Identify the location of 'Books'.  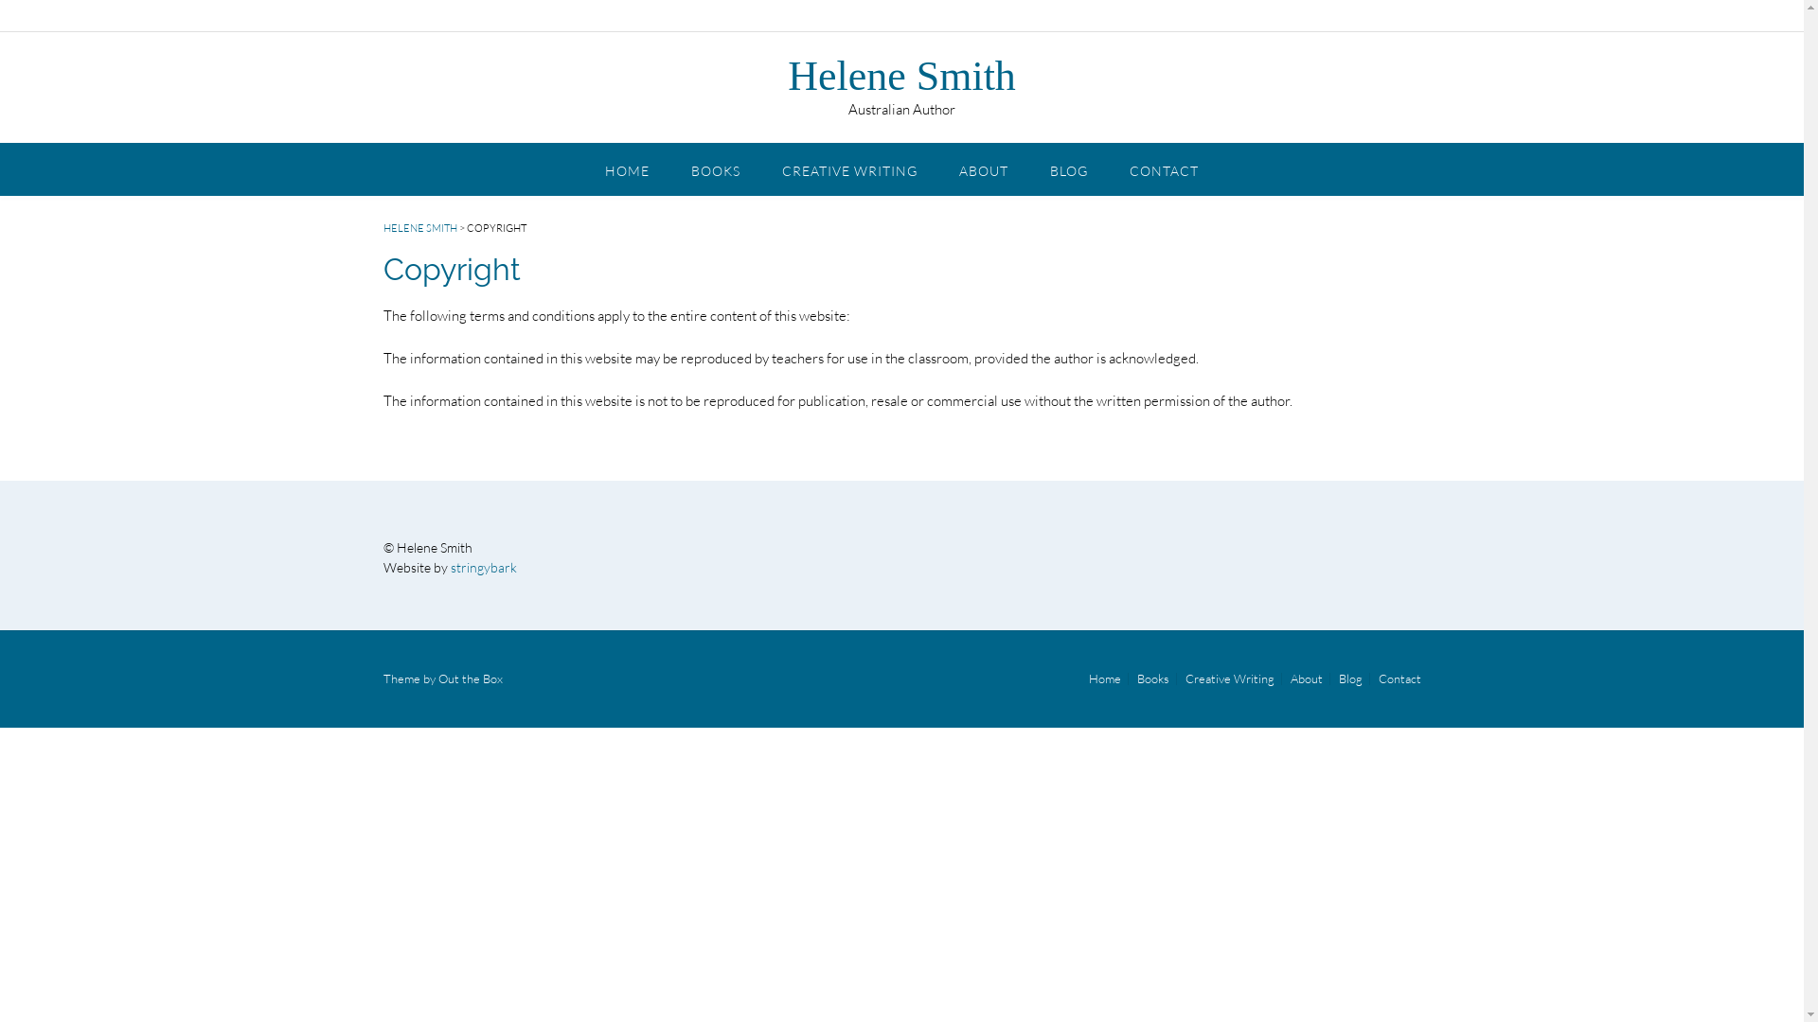
(1131, 678).